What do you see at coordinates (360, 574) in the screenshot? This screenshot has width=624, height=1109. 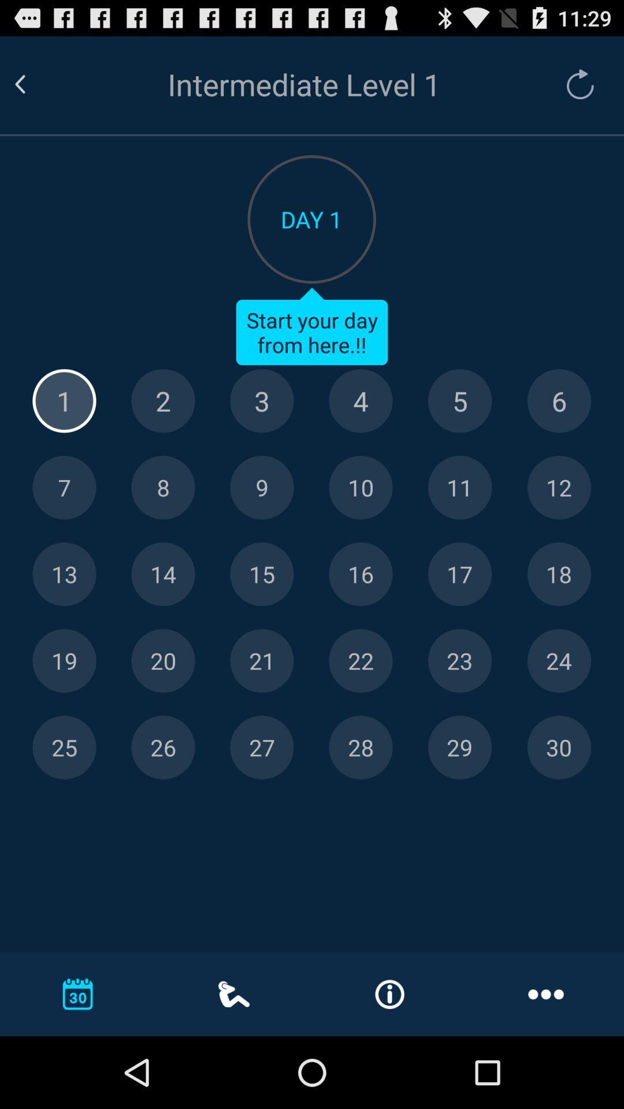 I see `the number` at bounding box center [360, 574].